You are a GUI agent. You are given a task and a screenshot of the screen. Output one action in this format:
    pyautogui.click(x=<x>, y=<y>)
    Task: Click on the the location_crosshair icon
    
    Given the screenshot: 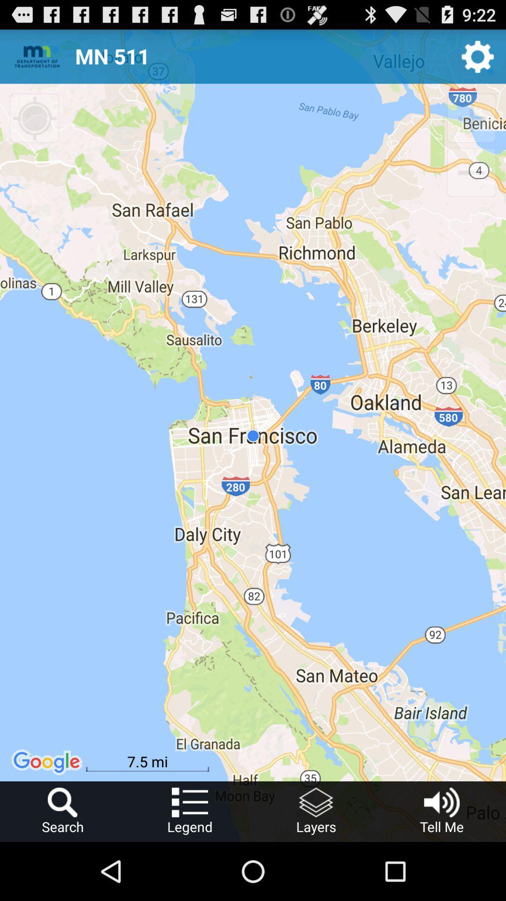 What is the action you would take?
    pyautogui.click(x=34, y=126)
    